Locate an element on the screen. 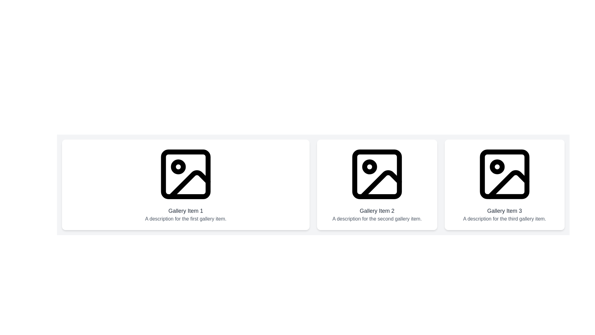 The width and height of the screenshot is (595, 335). the title and description of the third gallery item, which is located in the rightmost column of the grid beneath the image icons is located at coordinates (505, 214).